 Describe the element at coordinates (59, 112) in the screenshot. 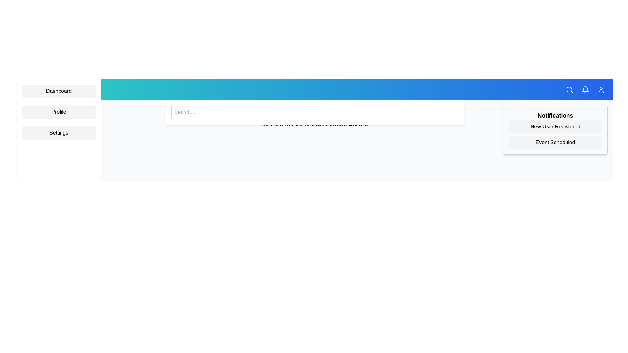

I see `the 'Profile' button, which is the second button in a vertical list of three buttons on the left side of the interface` at that location.